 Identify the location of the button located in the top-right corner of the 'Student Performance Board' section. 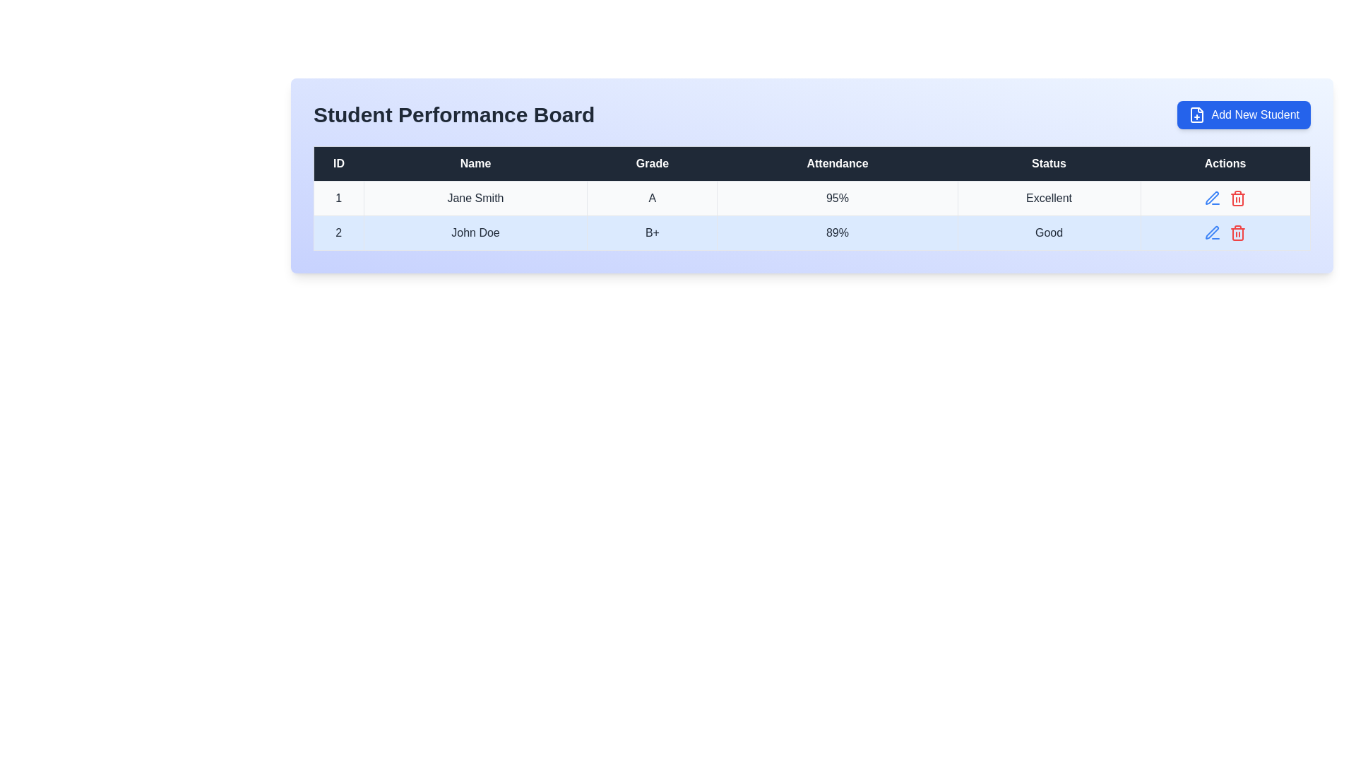
(1244, 114).